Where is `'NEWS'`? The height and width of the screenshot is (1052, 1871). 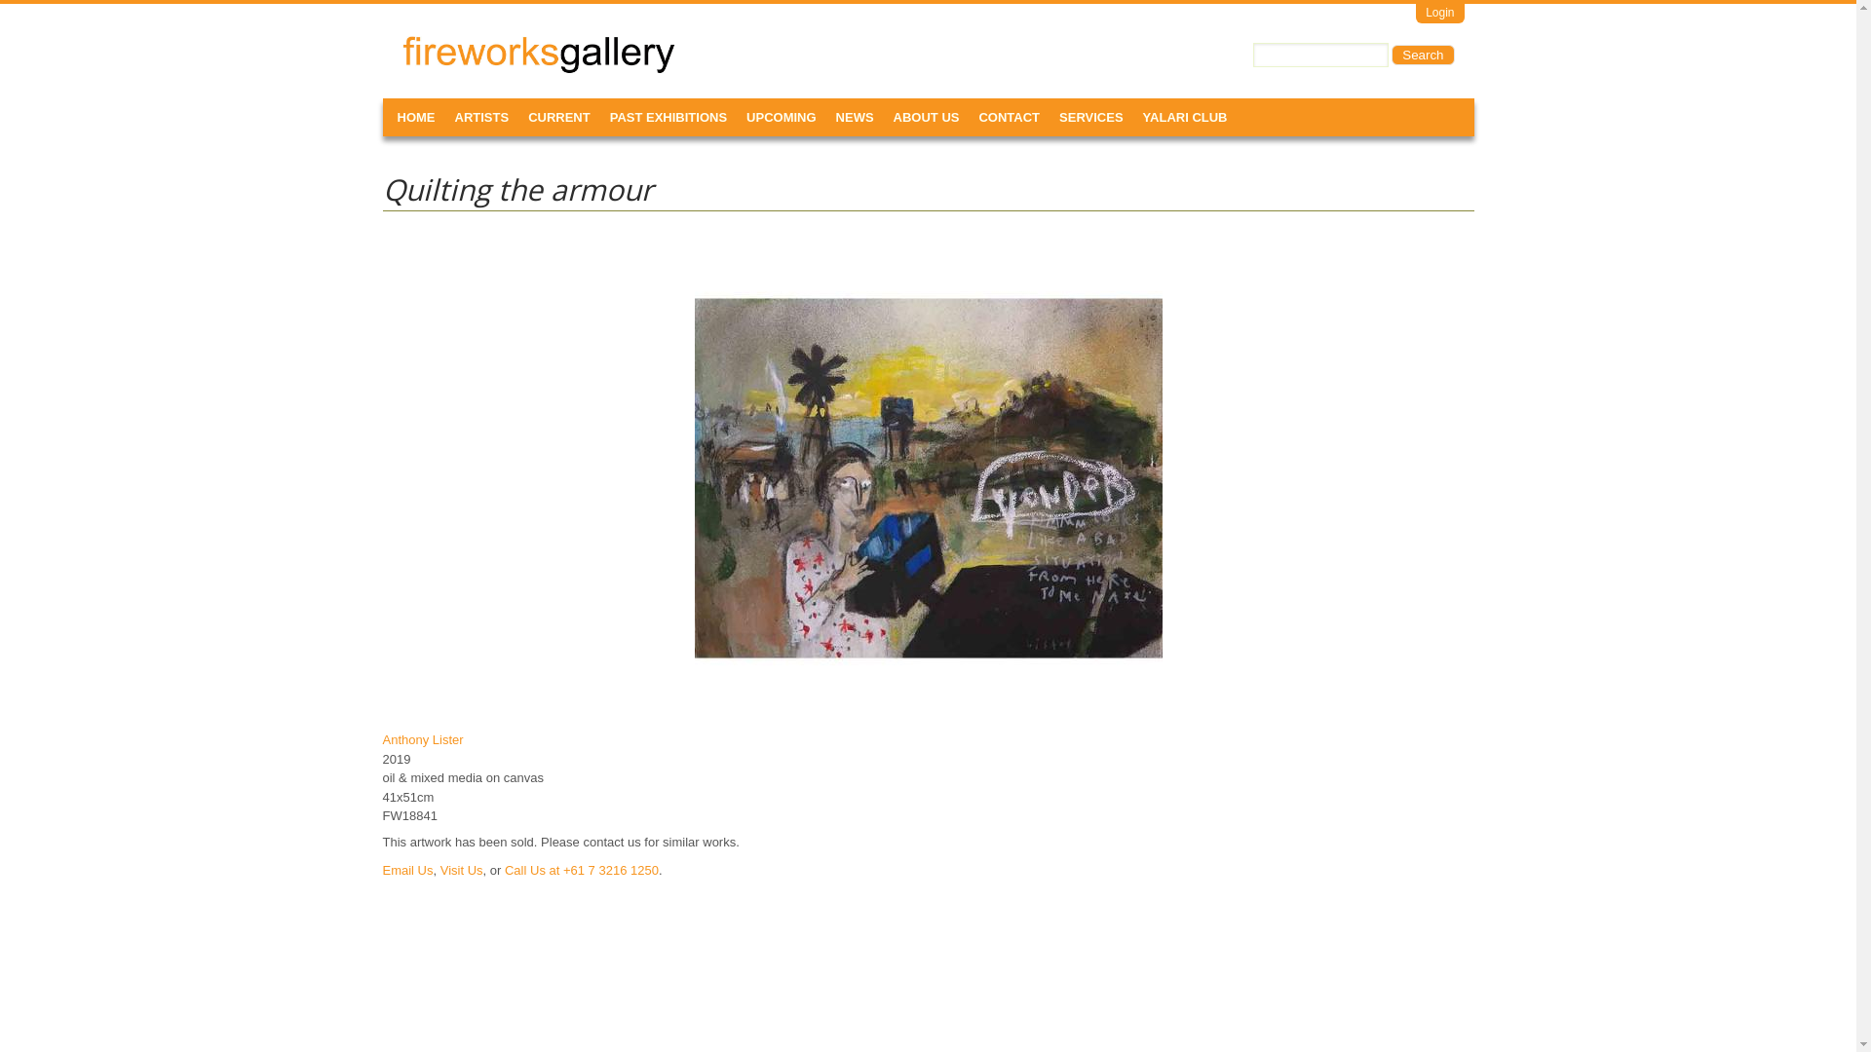 'NEWS' is located at coordinates (826, 117).